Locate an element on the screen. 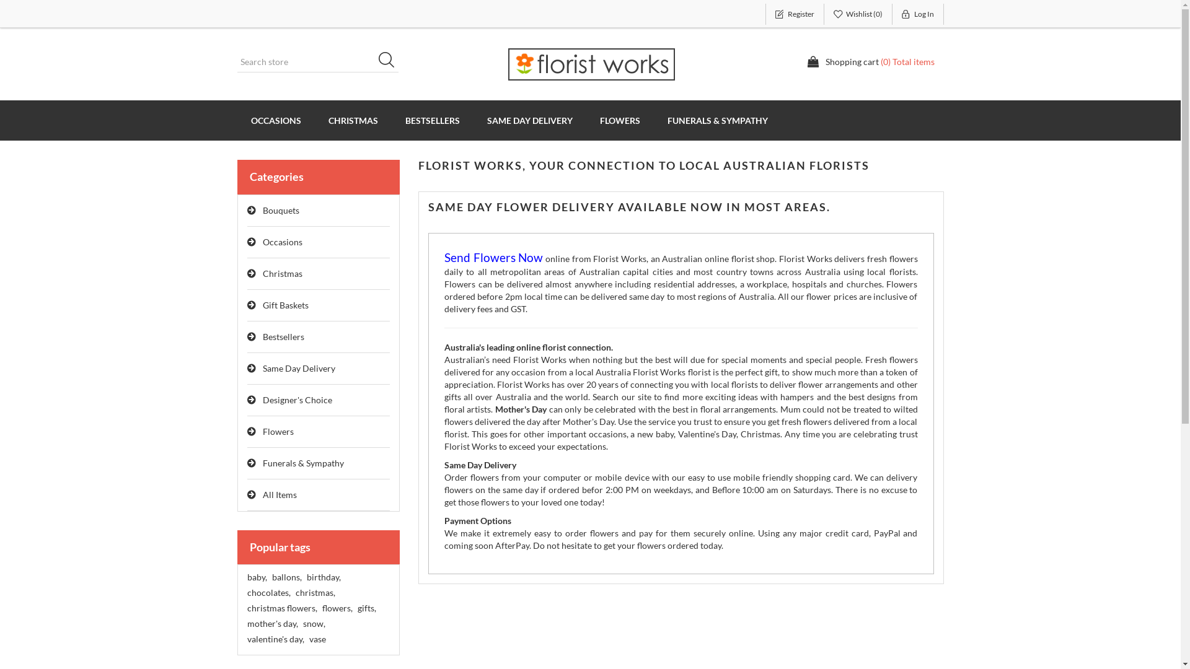 The height and width of the screenshot is (669, 1190). 'SAME DAY DELIVERY' is located at coordinates (472, 120).